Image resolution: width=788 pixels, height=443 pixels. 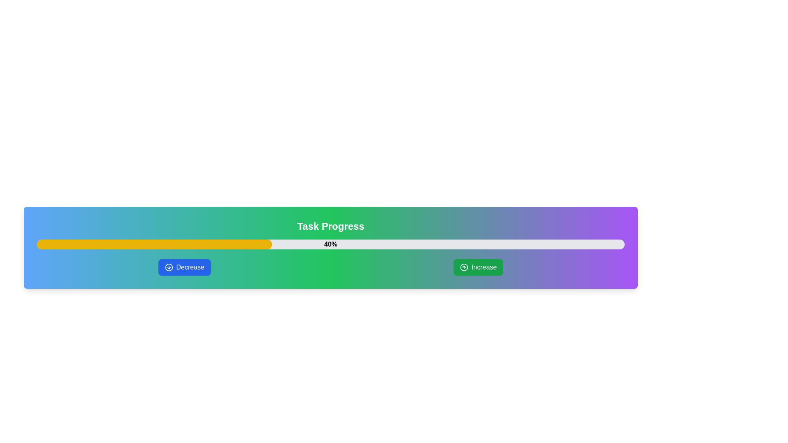 What do you see at coordinates (184, 267) in the screenshot?
I see `the left button used to decrease the current progress, positioned below the progress bar and to the left of the 'Increase' button` at bounding box center [184, 267].